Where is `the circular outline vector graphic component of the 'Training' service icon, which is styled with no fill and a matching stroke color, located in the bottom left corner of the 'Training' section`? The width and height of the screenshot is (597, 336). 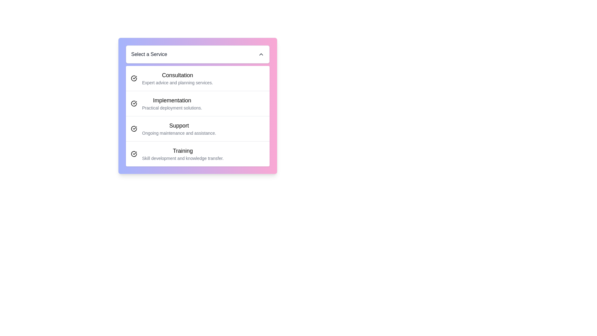
the circular outline vector graphic component of the 'Training' service icon, which is styled with no fill and a matching stroke color, located in the bottom left corner of the 'Training' section is located at coordinates (134, 154).